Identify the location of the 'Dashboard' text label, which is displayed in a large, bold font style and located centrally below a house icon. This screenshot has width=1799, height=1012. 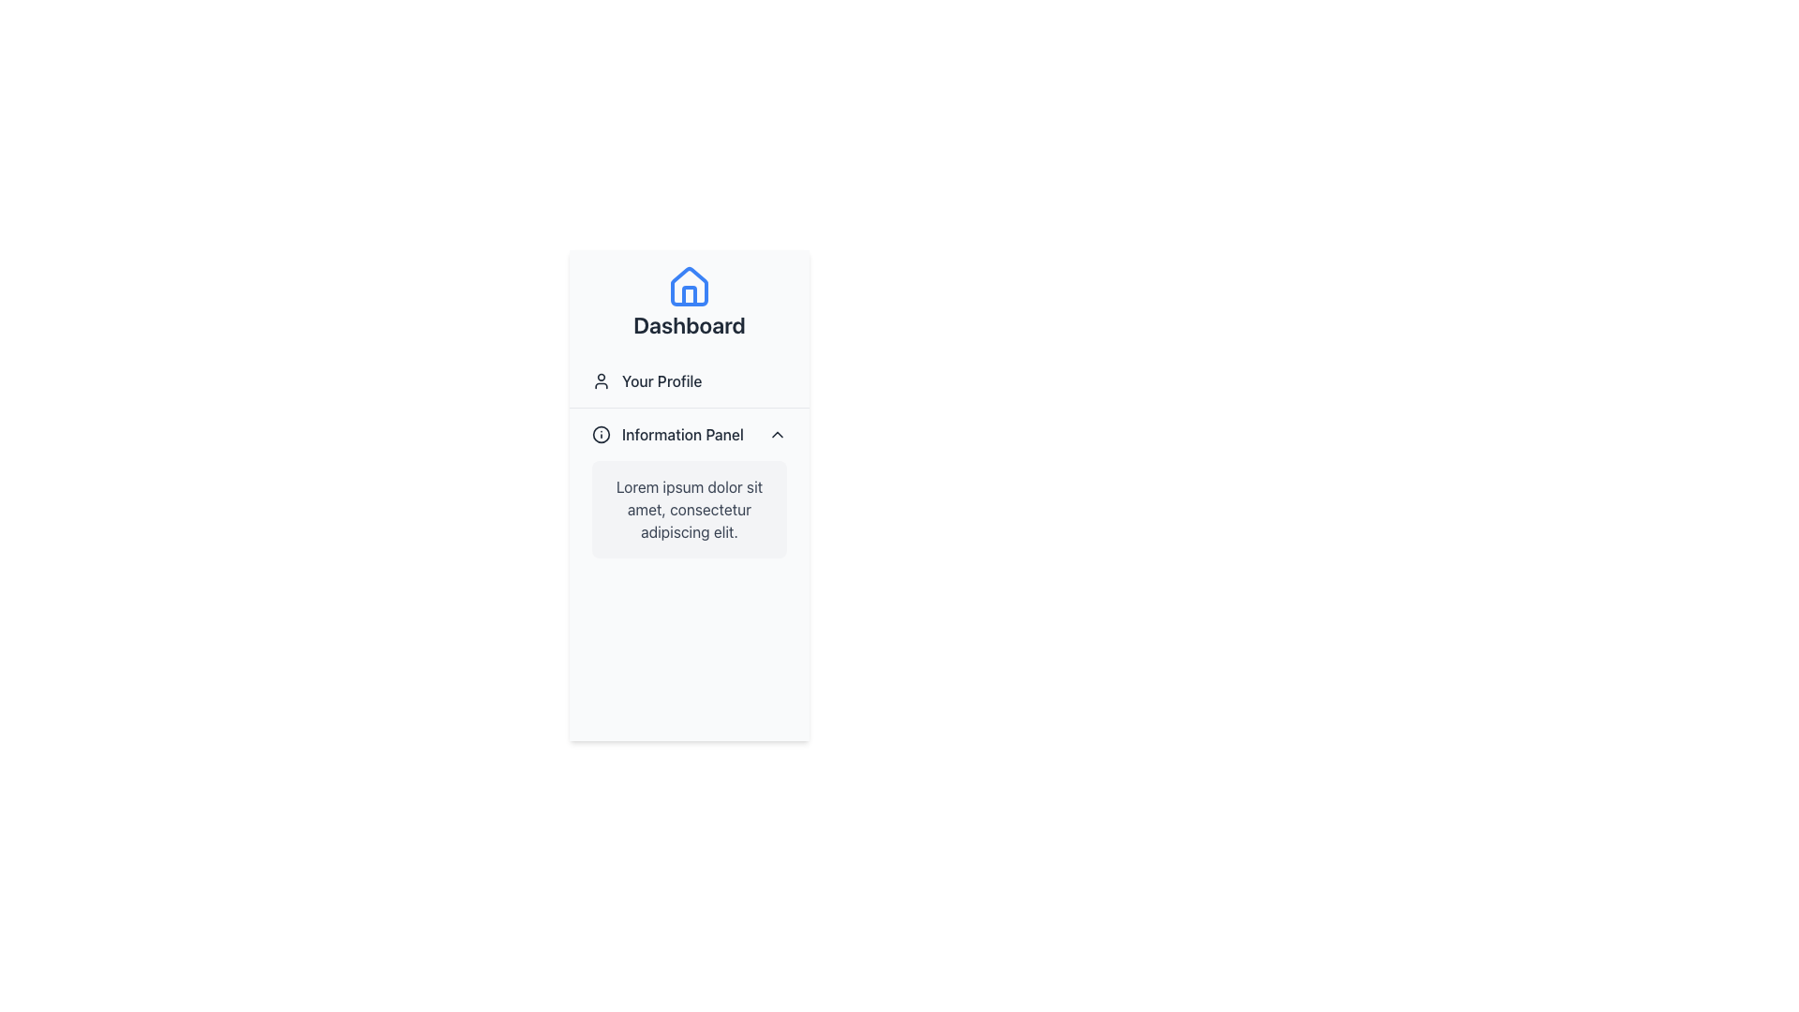
(688, 324).